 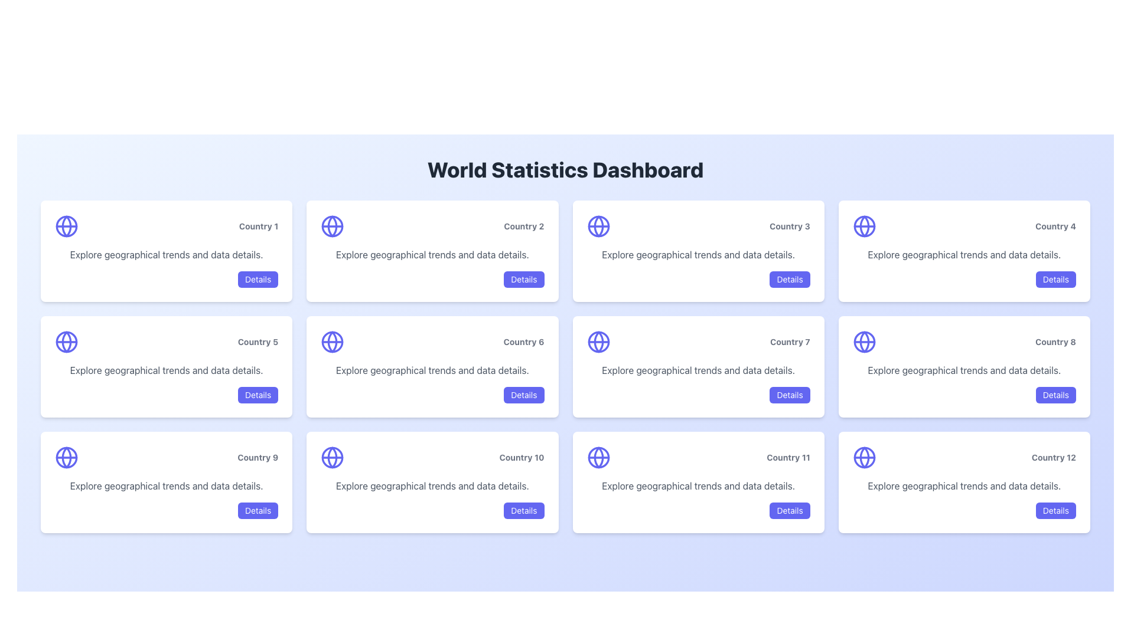 What do you see at coordinates (523, 226) in the screenshot?
I see `text label that identifies the specific country represented by the second card in the first row of the grid` at bounding box center [523, 226].